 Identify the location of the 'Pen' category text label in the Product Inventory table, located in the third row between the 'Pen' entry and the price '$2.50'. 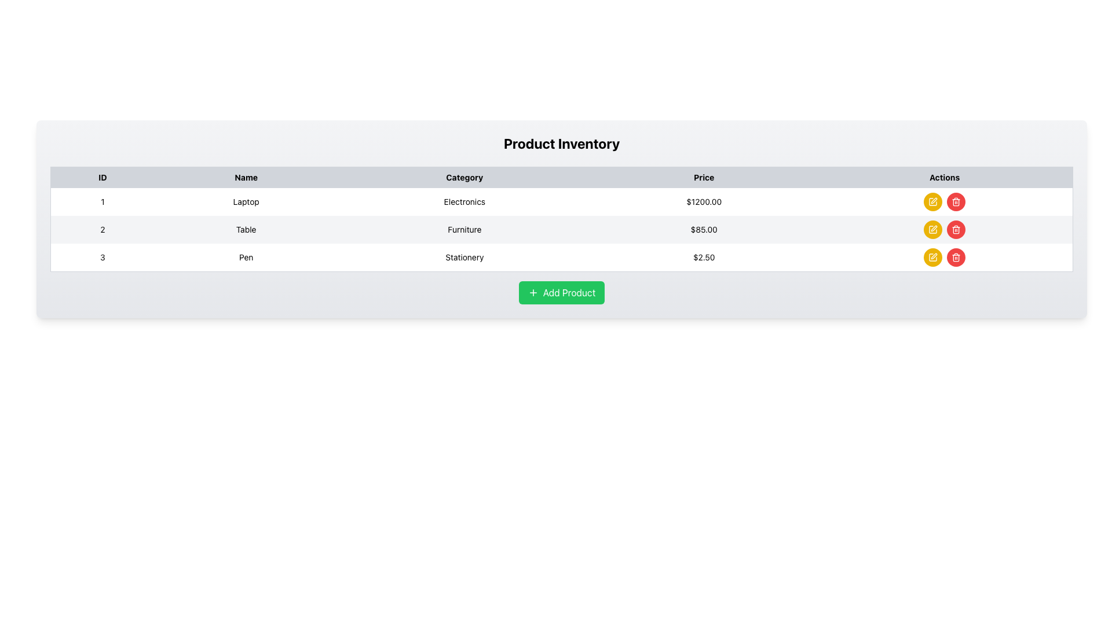
(464, 257).